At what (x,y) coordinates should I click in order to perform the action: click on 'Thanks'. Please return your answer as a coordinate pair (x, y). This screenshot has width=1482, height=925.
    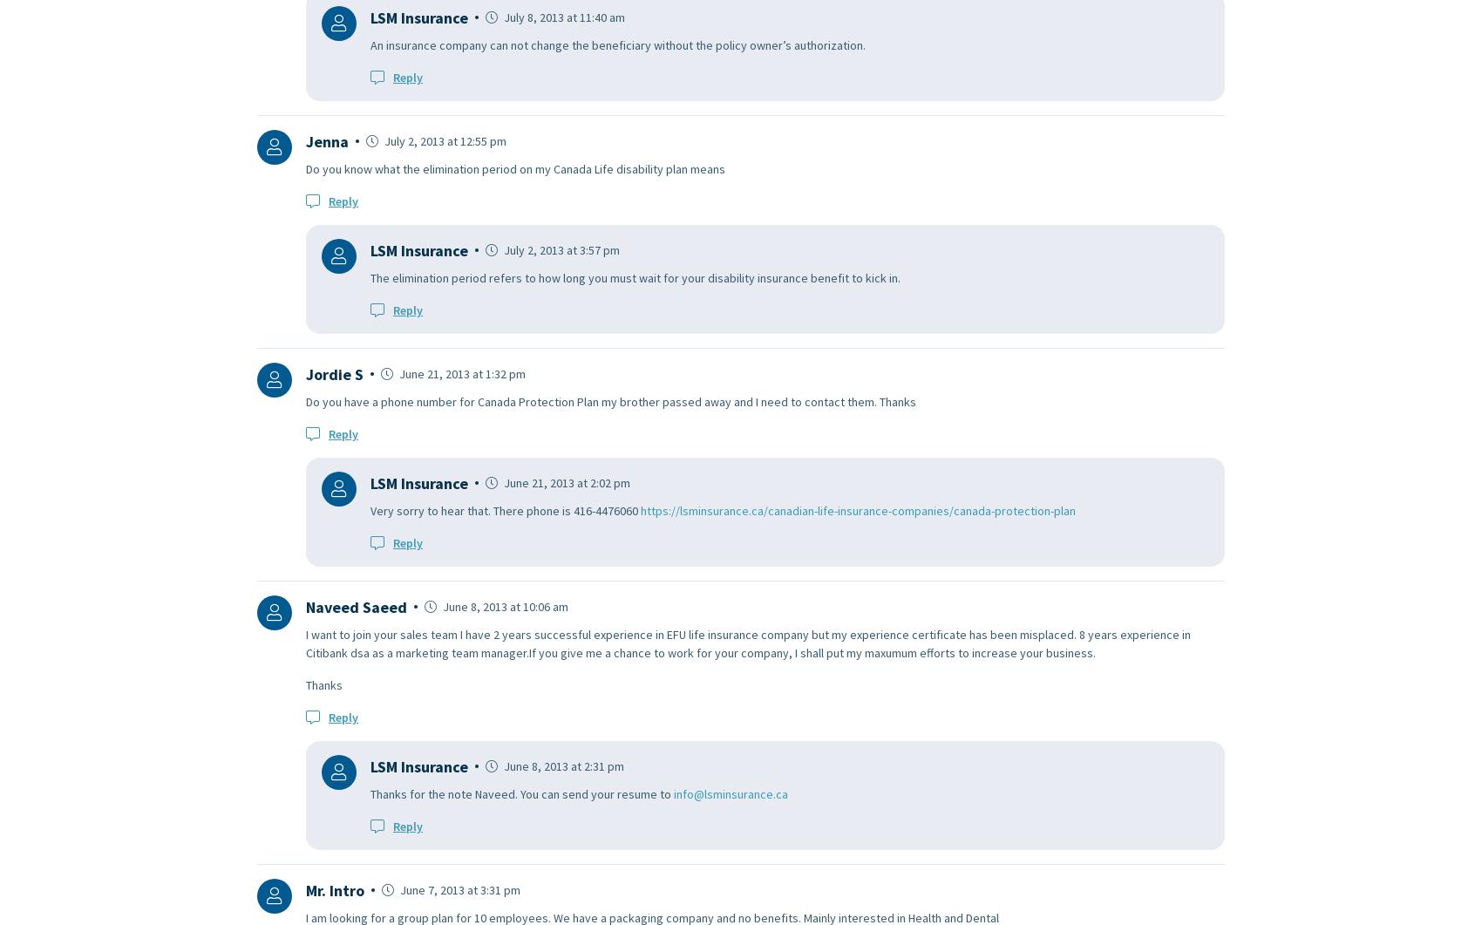
    Looking at the image, I should click on (323, 684).